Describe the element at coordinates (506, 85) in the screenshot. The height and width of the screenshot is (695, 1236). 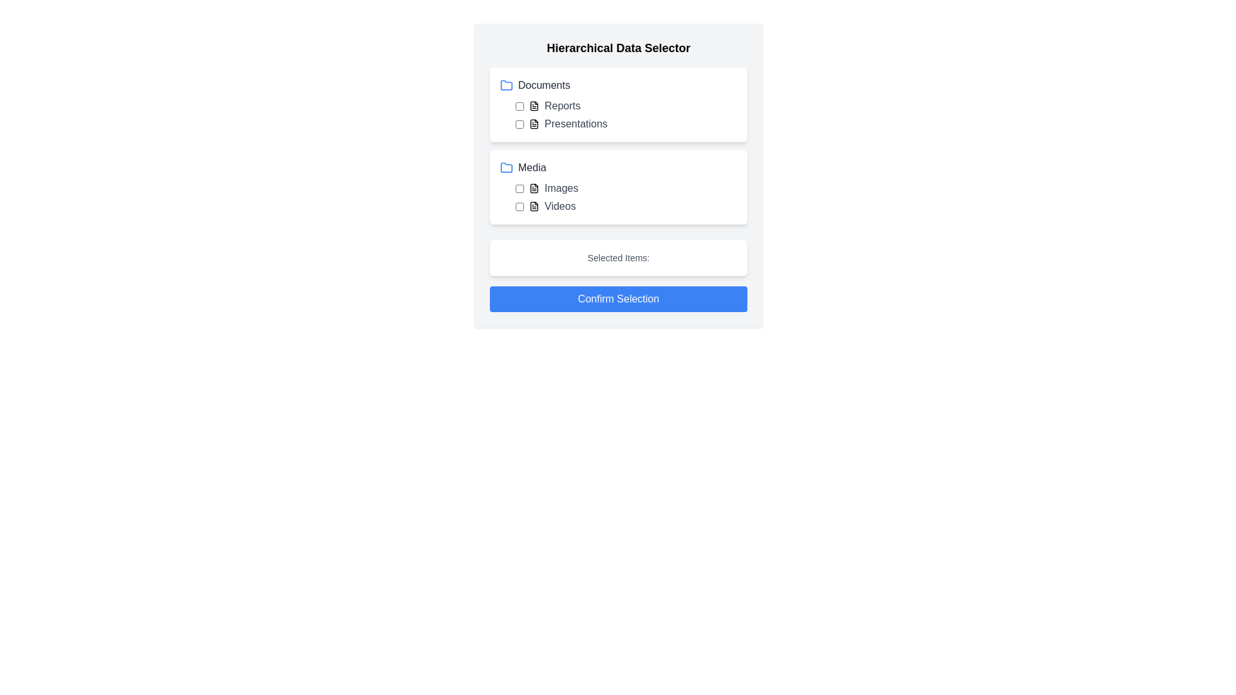
I see `the 'Documents' category icon located at the top portion of the interface, which is the leftmost element inside the labeled box` at that location.